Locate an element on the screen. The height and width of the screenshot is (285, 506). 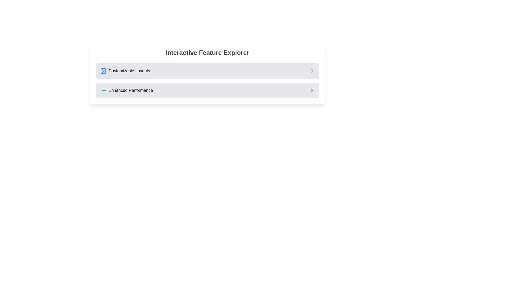
the text label that describes the first interactive feature in the vertical list, located next to the corresponding icon is located at coordinates (129, 71).